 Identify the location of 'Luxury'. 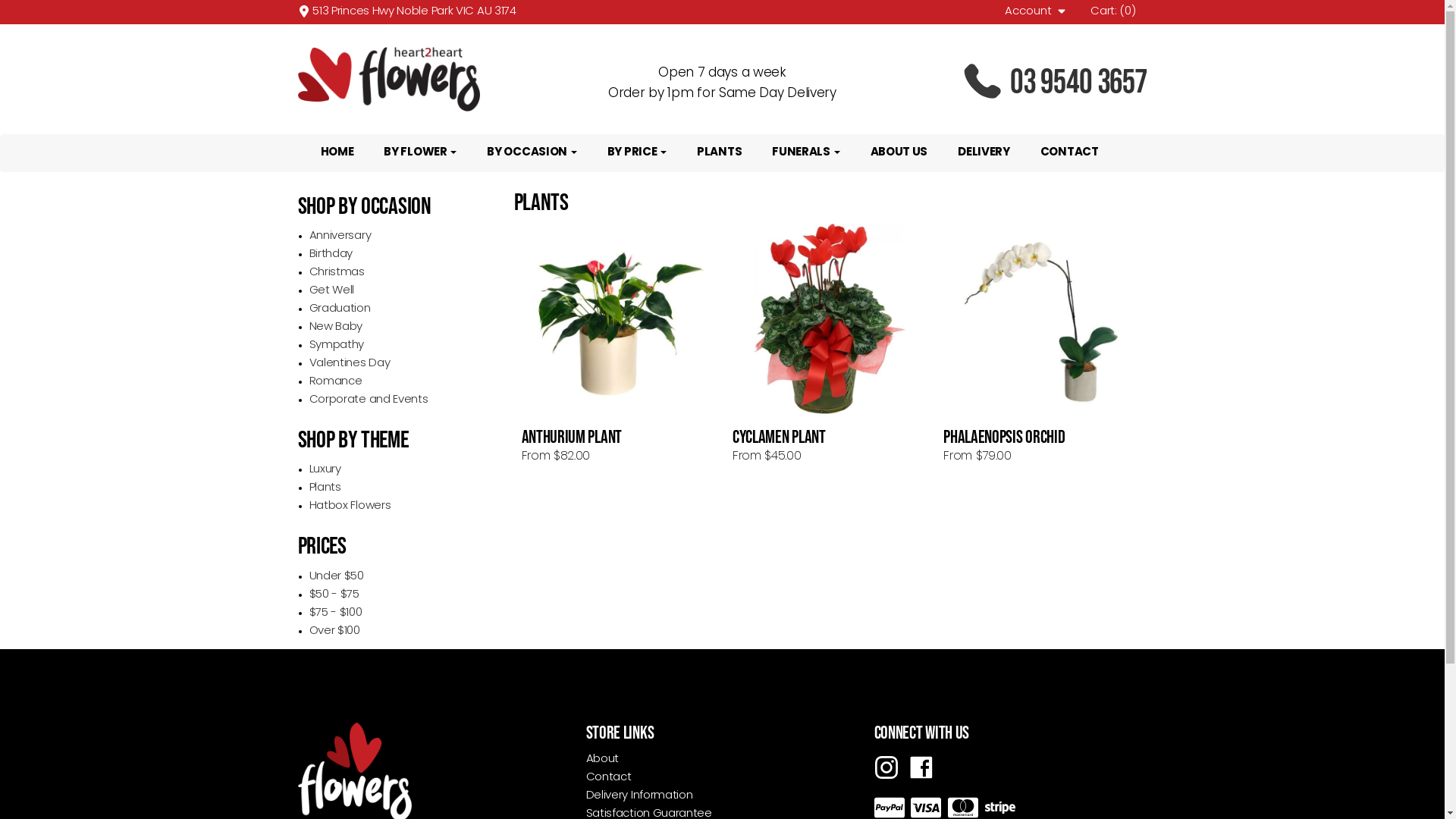
(324, 469).